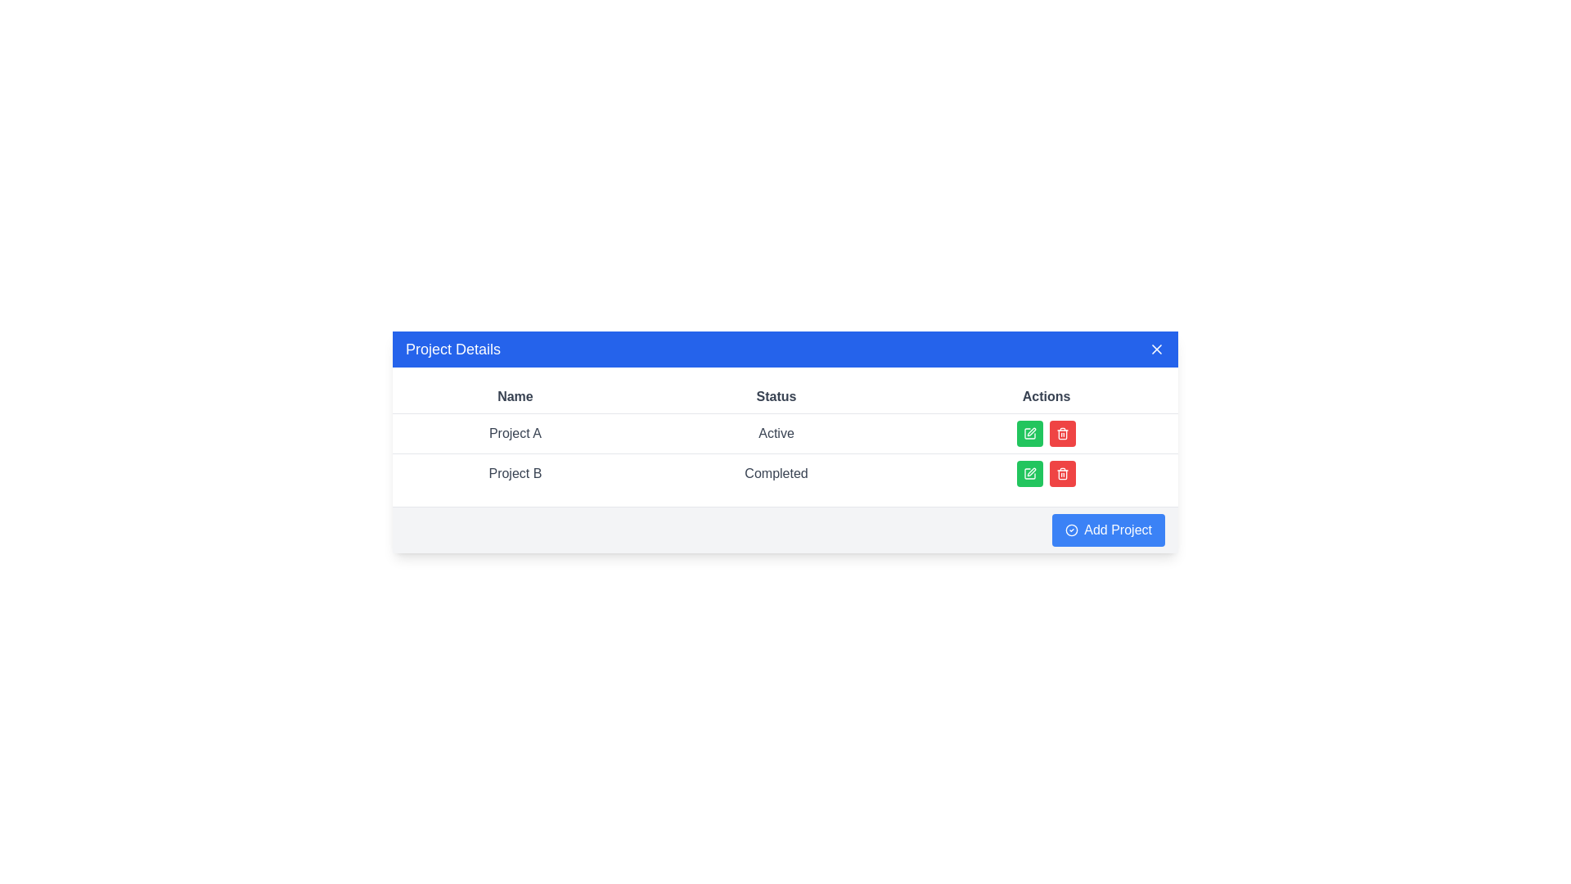 This screenshot has height=884, width=1571. What do you see at coordinates (1063, 432) in the screenshot?
I see `the trash can icon located in the 'Actions' column of the table for 'Project A'` at bounding box center [1063, 432].